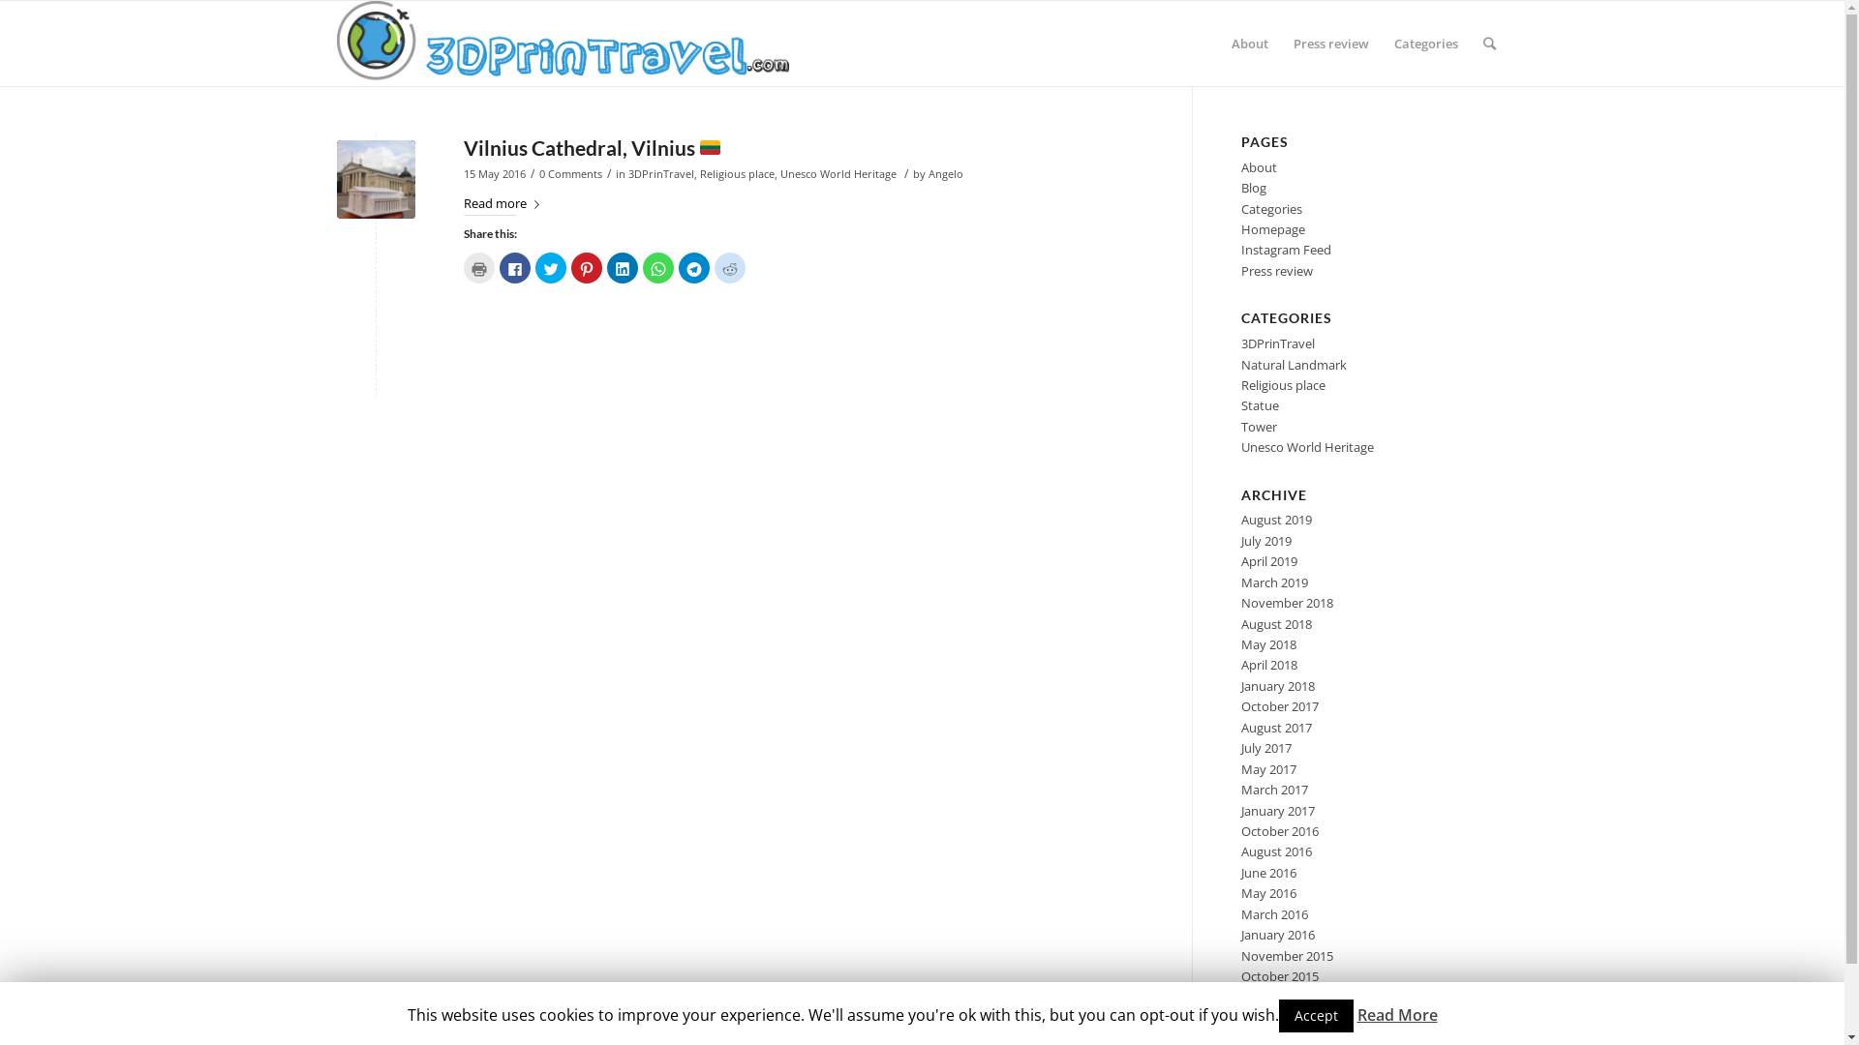  What do you see at coordinates (1240, 810) in the screenshot?
I see `'January 2017'` at bounding box center [1240, 810].